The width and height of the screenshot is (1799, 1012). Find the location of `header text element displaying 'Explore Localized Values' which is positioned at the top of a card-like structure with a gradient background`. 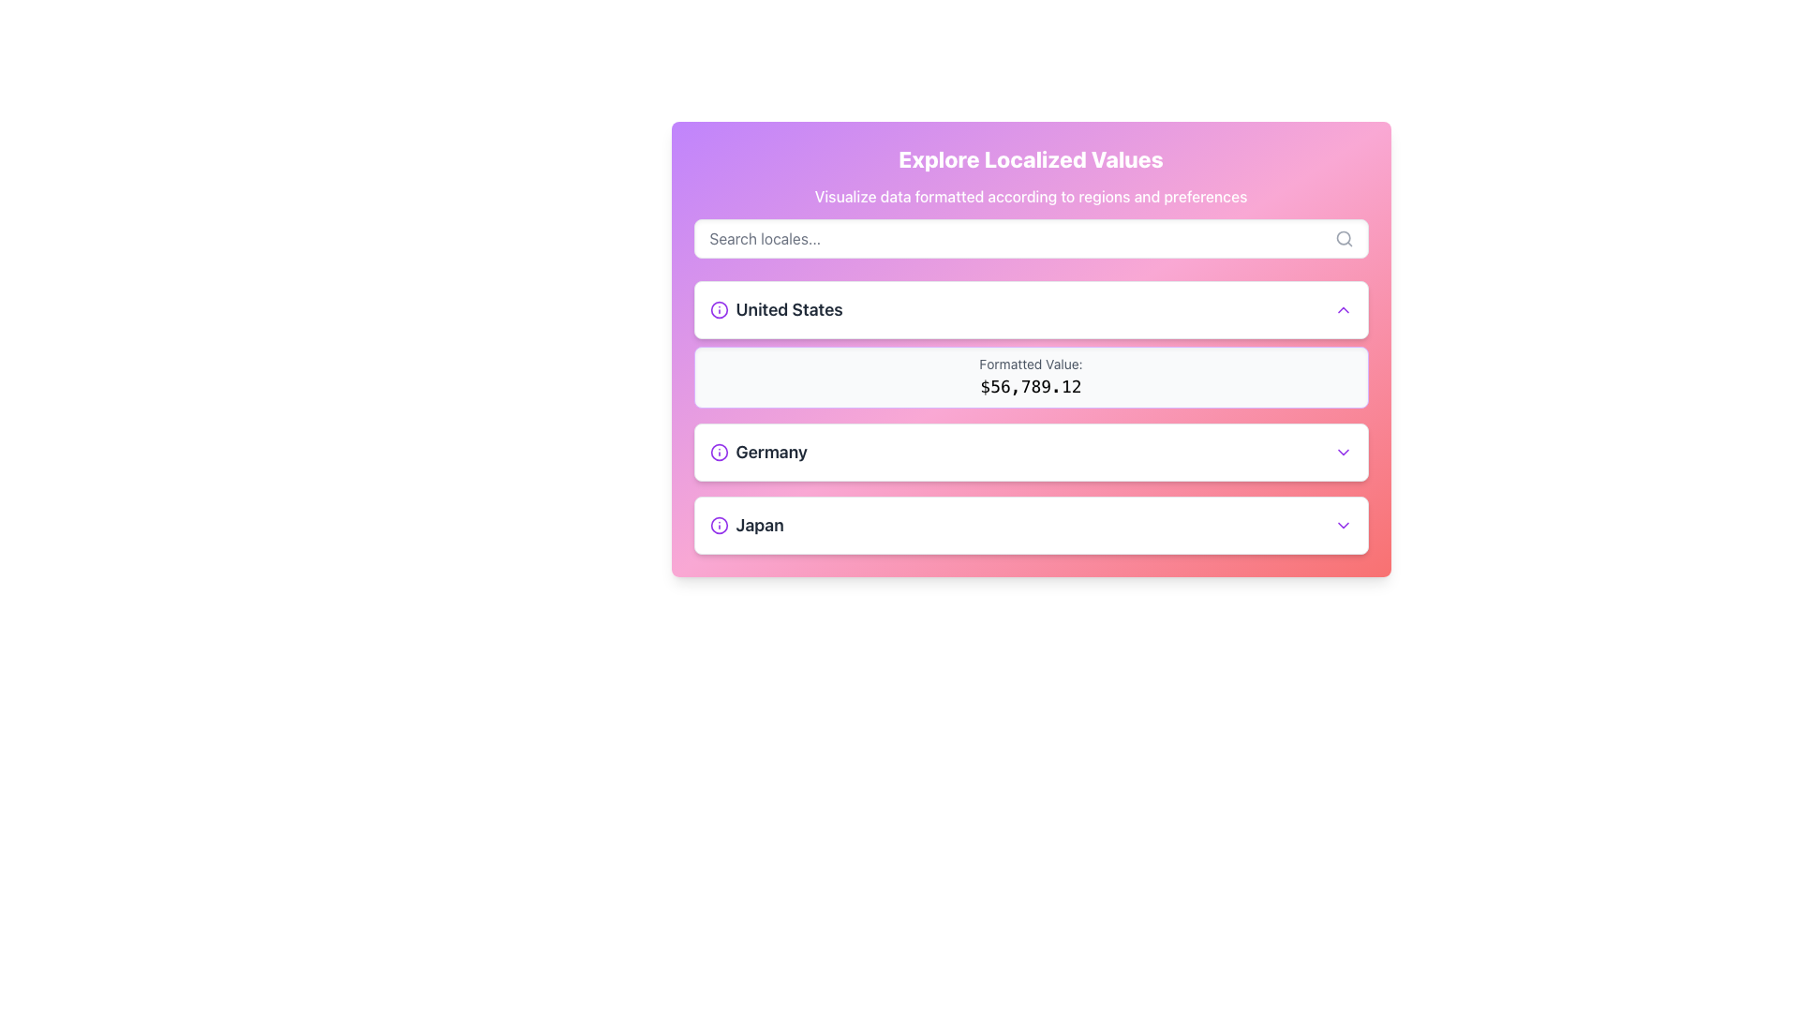

header text element displaying 'Explore Localized Values' which is positioned at the top of a card-like structure with a gradient background is located at coordinates (1030, 157).